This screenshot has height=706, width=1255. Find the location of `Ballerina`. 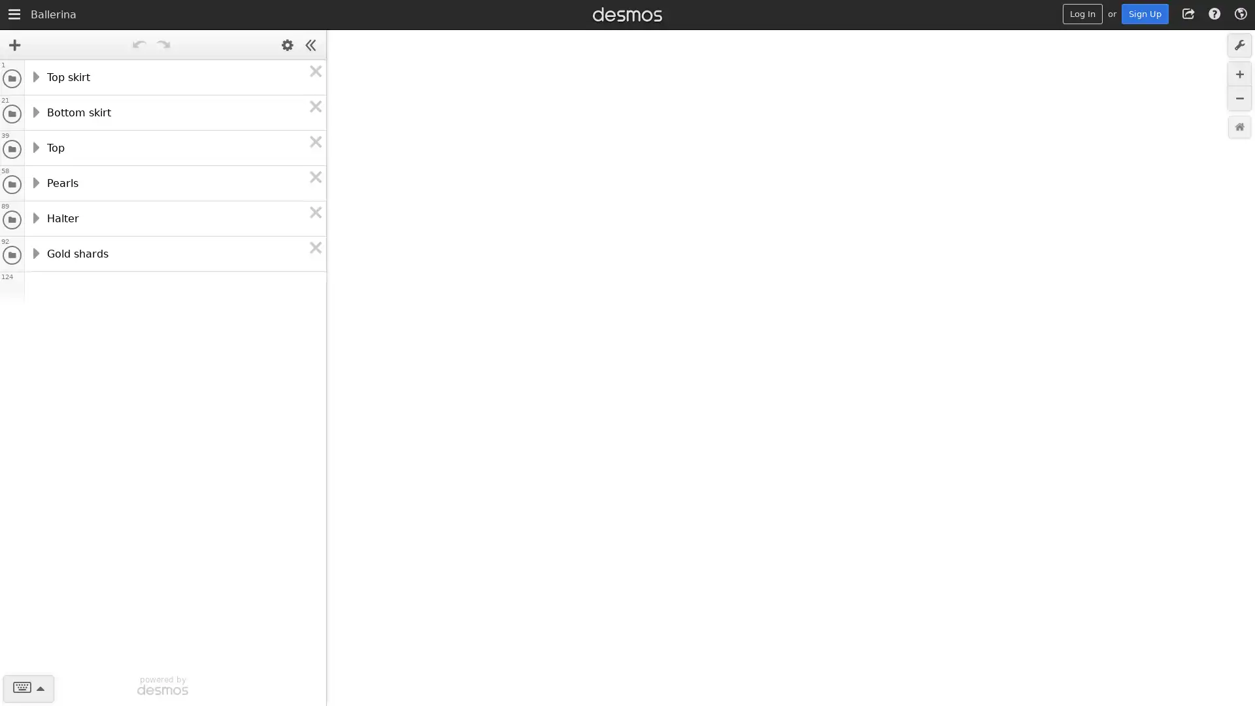

Ballerina is located at coordinates (52, 26).